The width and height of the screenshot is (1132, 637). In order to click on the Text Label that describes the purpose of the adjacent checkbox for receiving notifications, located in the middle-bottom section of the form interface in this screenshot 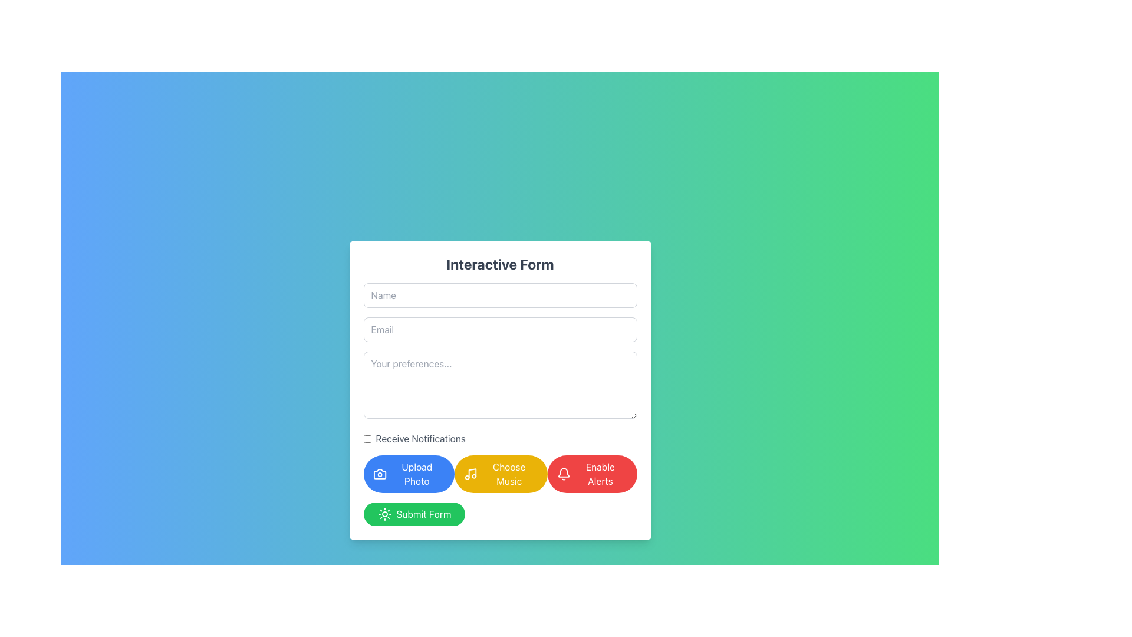, I will do `click(420, 439)`.